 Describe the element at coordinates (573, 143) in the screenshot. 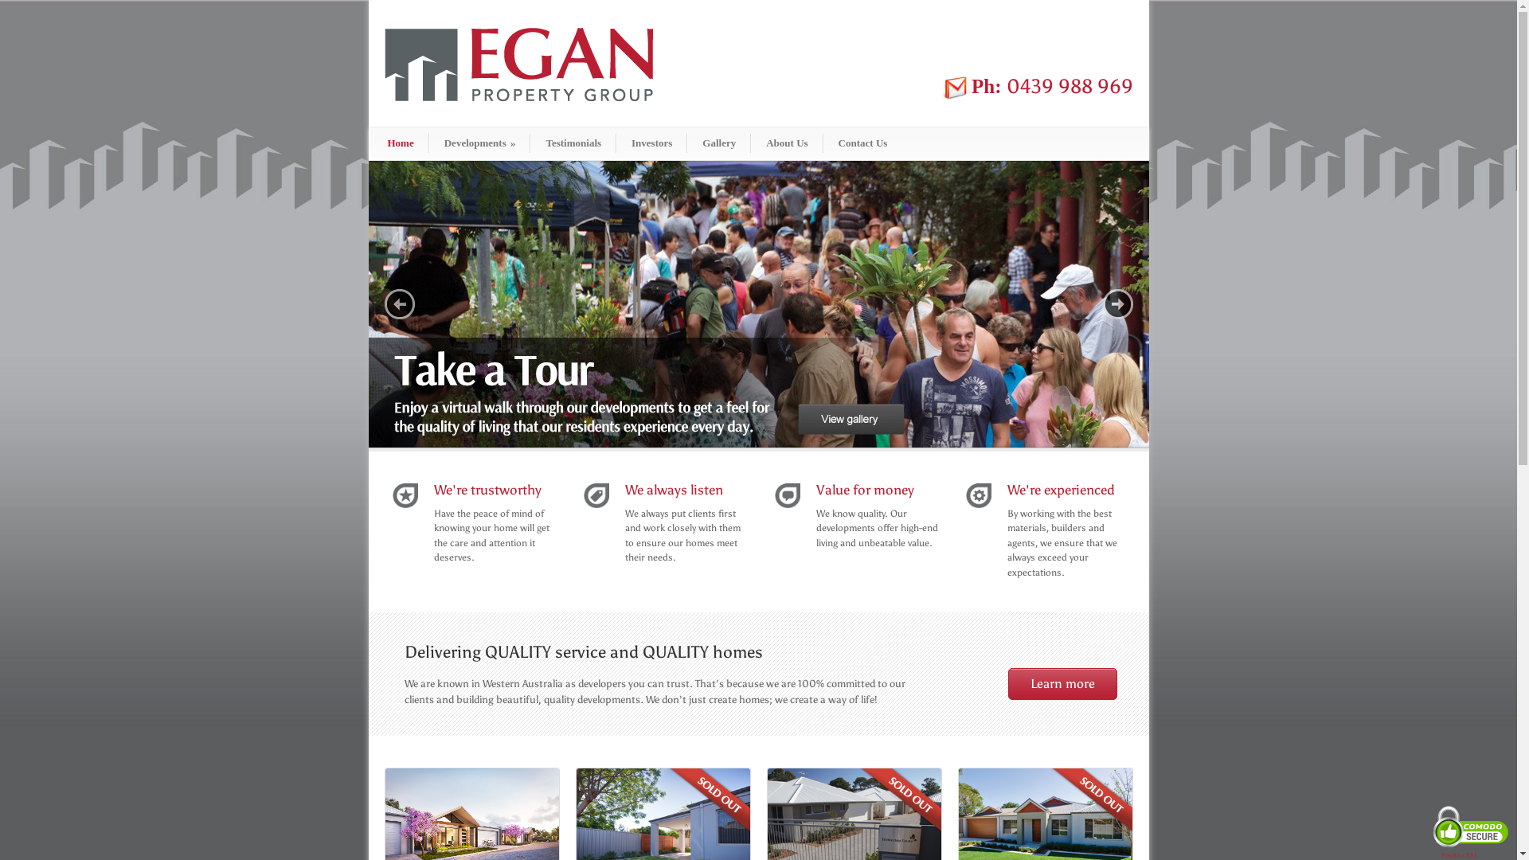

I see `'Testimonials'` at that location.